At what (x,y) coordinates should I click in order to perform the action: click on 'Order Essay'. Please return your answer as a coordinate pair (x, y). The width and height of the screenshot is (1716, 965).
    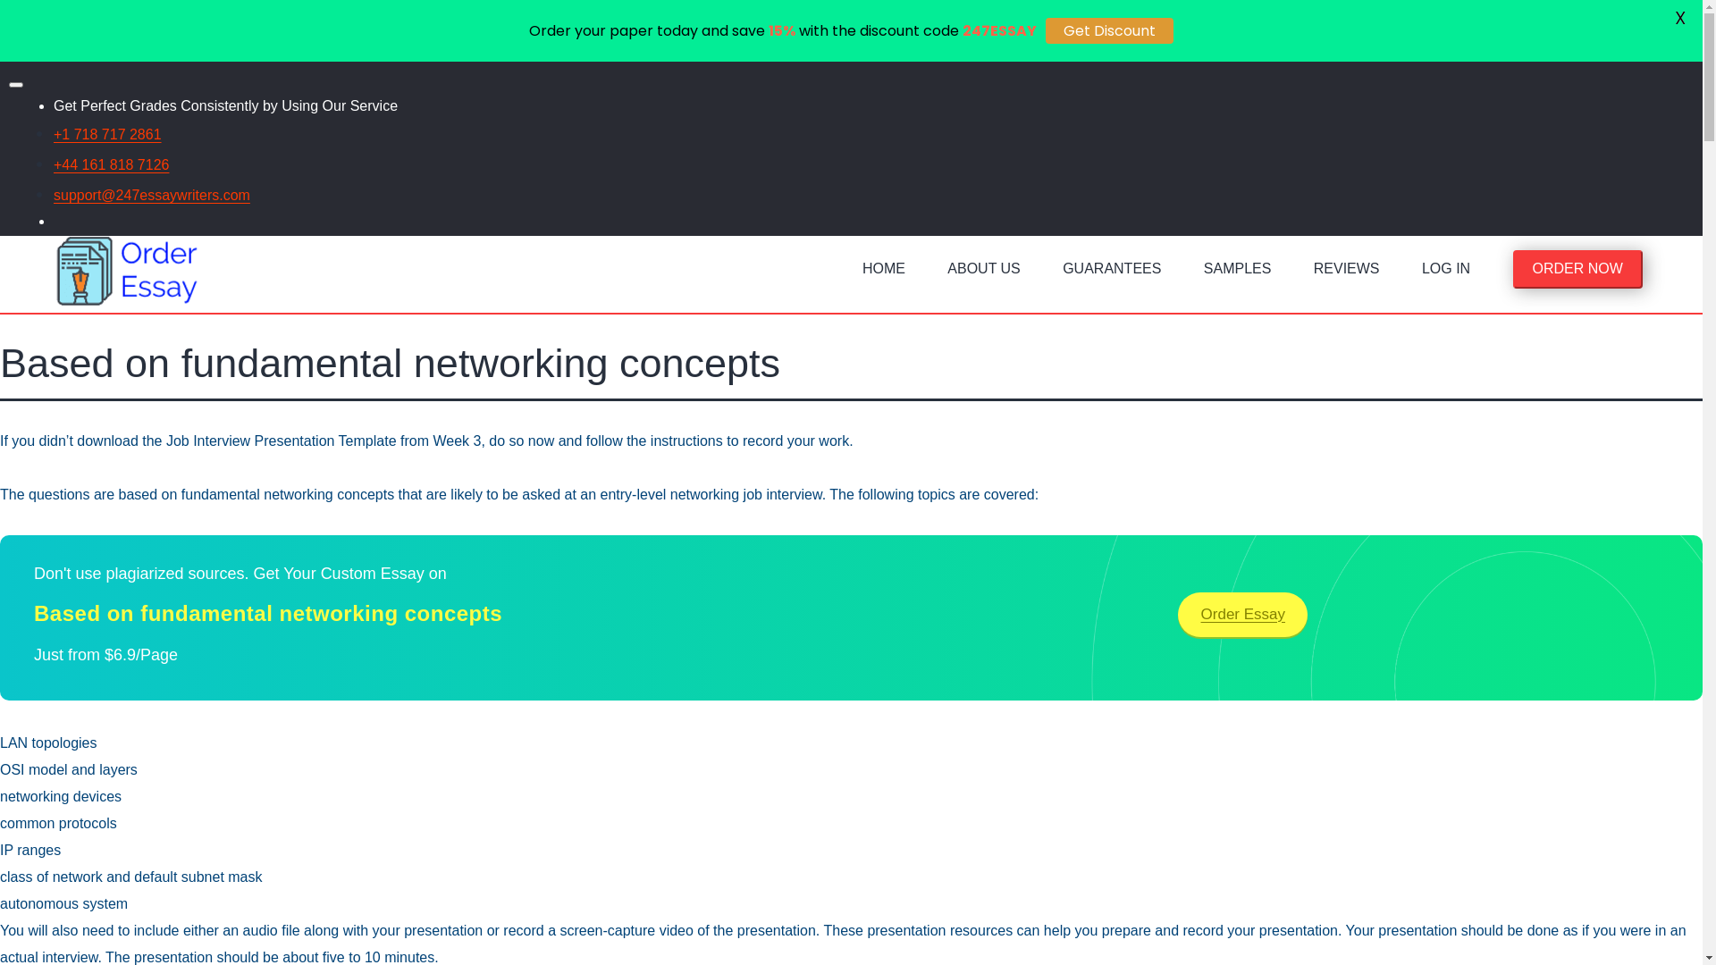
    Looking at the image, I should click on (1241, 613).